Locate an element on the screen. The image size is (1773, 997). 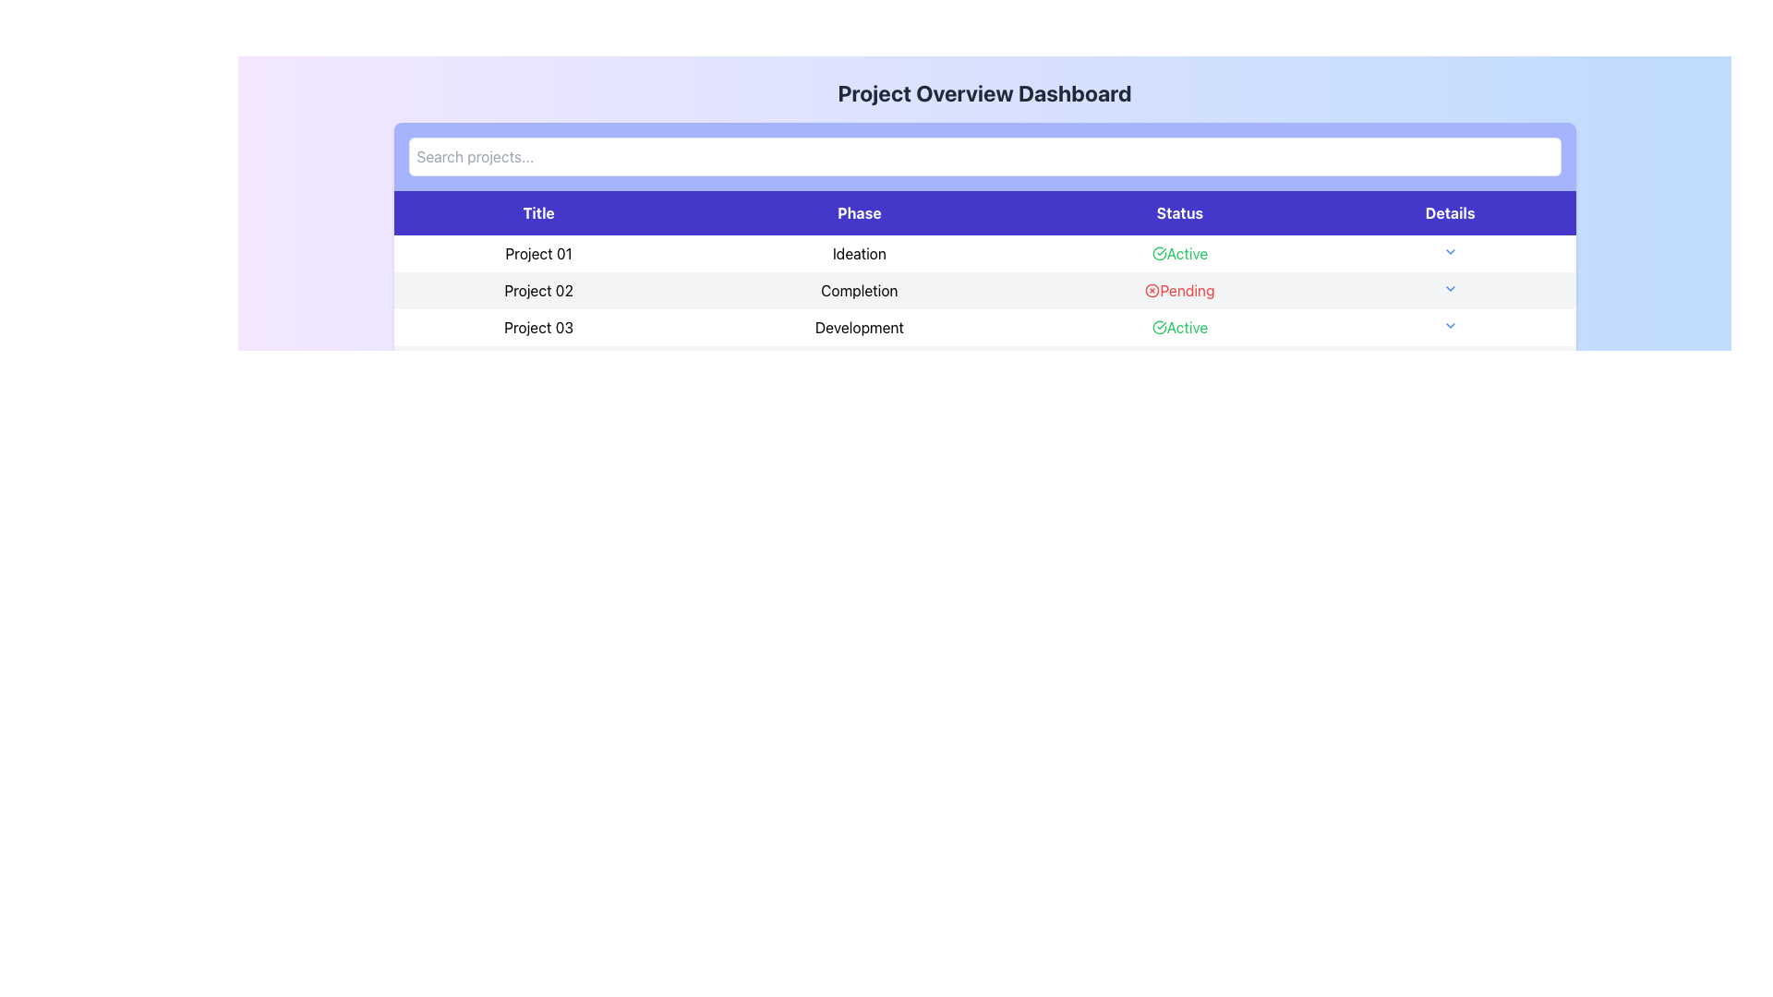
the static text label indicating the current phase of the project located in the second column of the first row under the 'Phase' header in the table is located at coordinates (858, 253).